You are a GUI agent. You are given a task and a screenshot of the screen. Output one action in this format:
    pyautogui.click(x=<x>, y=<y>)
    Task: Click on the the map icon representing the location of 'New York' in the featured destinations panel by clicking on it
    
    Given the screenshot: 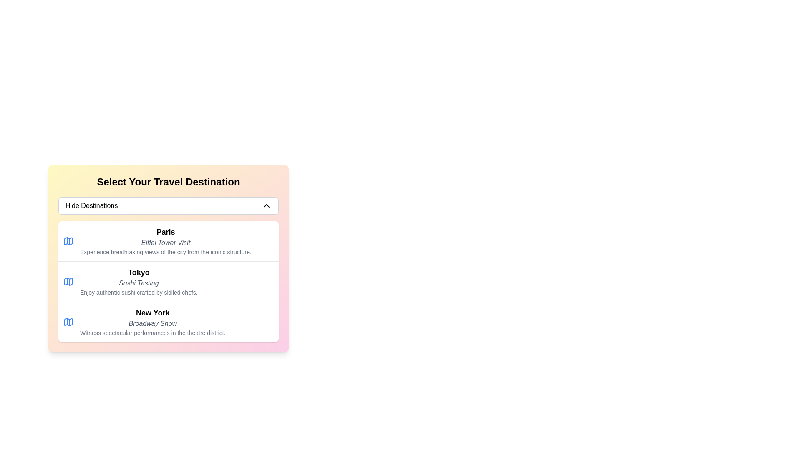 What is the action you would take?
    pyautogui.click(x=68, y=321)
    